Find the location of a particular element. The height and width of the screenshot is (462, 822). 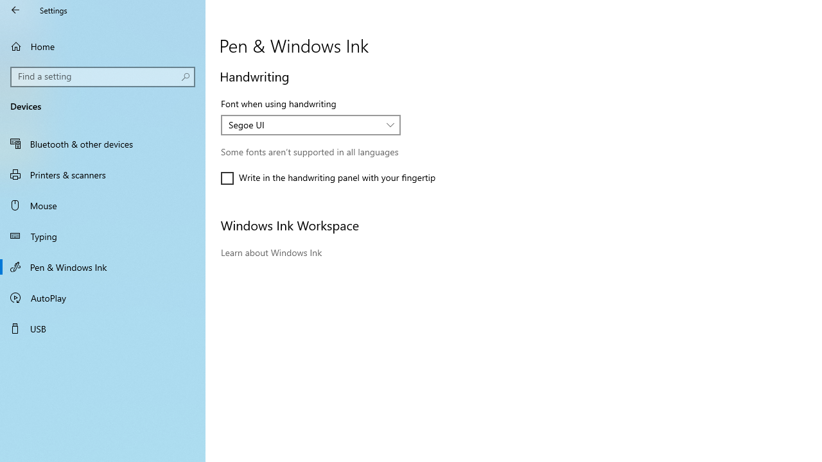

'Pen & Windows Ink' is located at coordinates (103, 266).